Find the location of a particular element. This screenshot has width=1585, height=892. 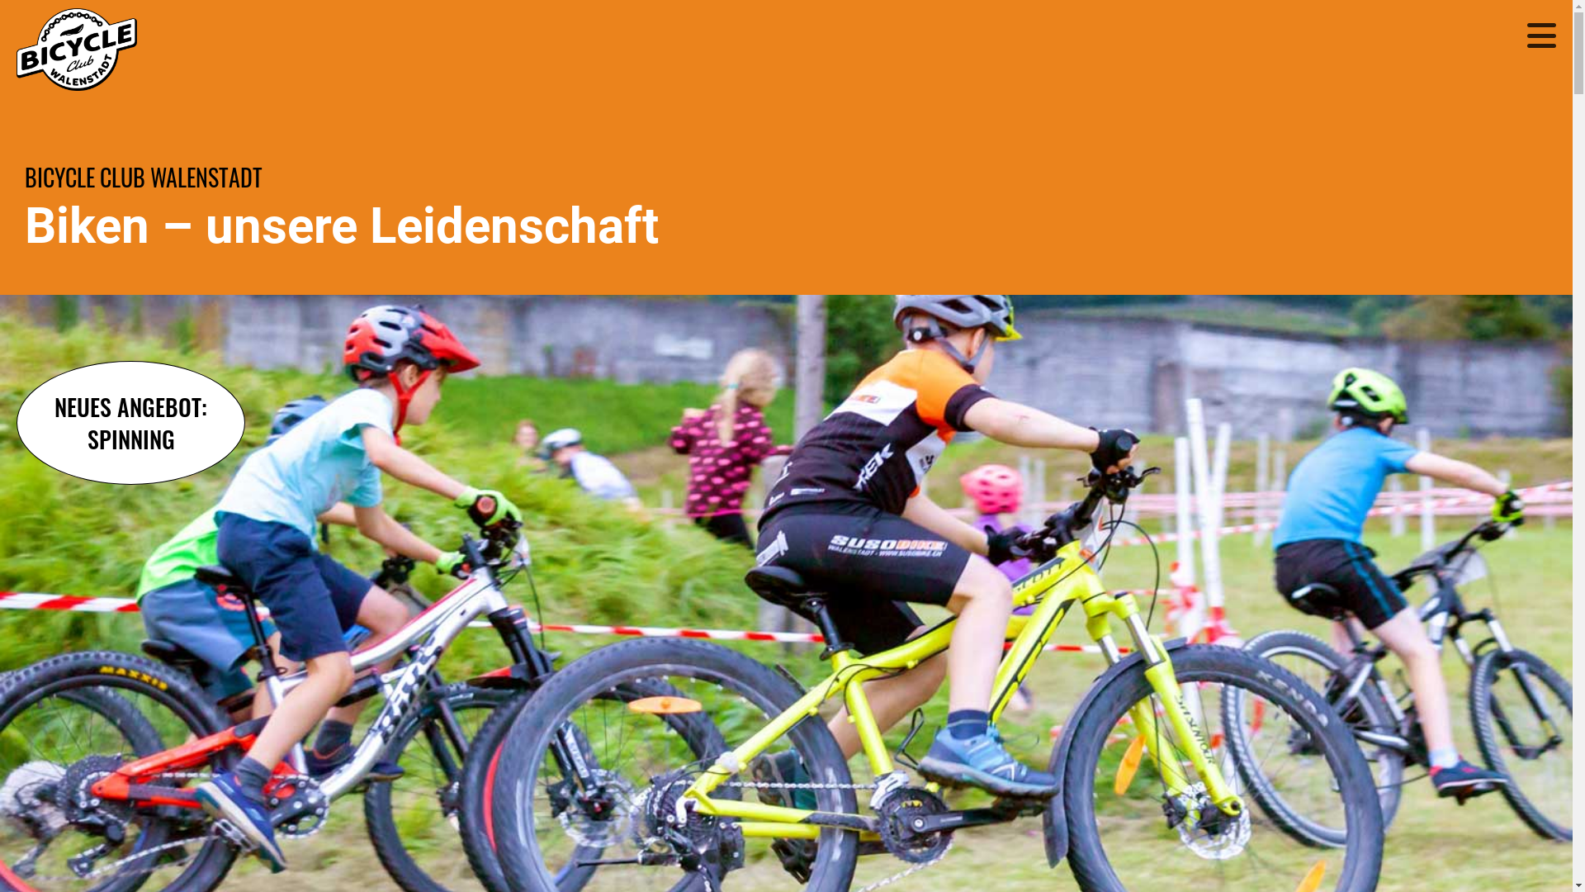

'NEUES ANGEBOT: is located at coordinates (130, 422).